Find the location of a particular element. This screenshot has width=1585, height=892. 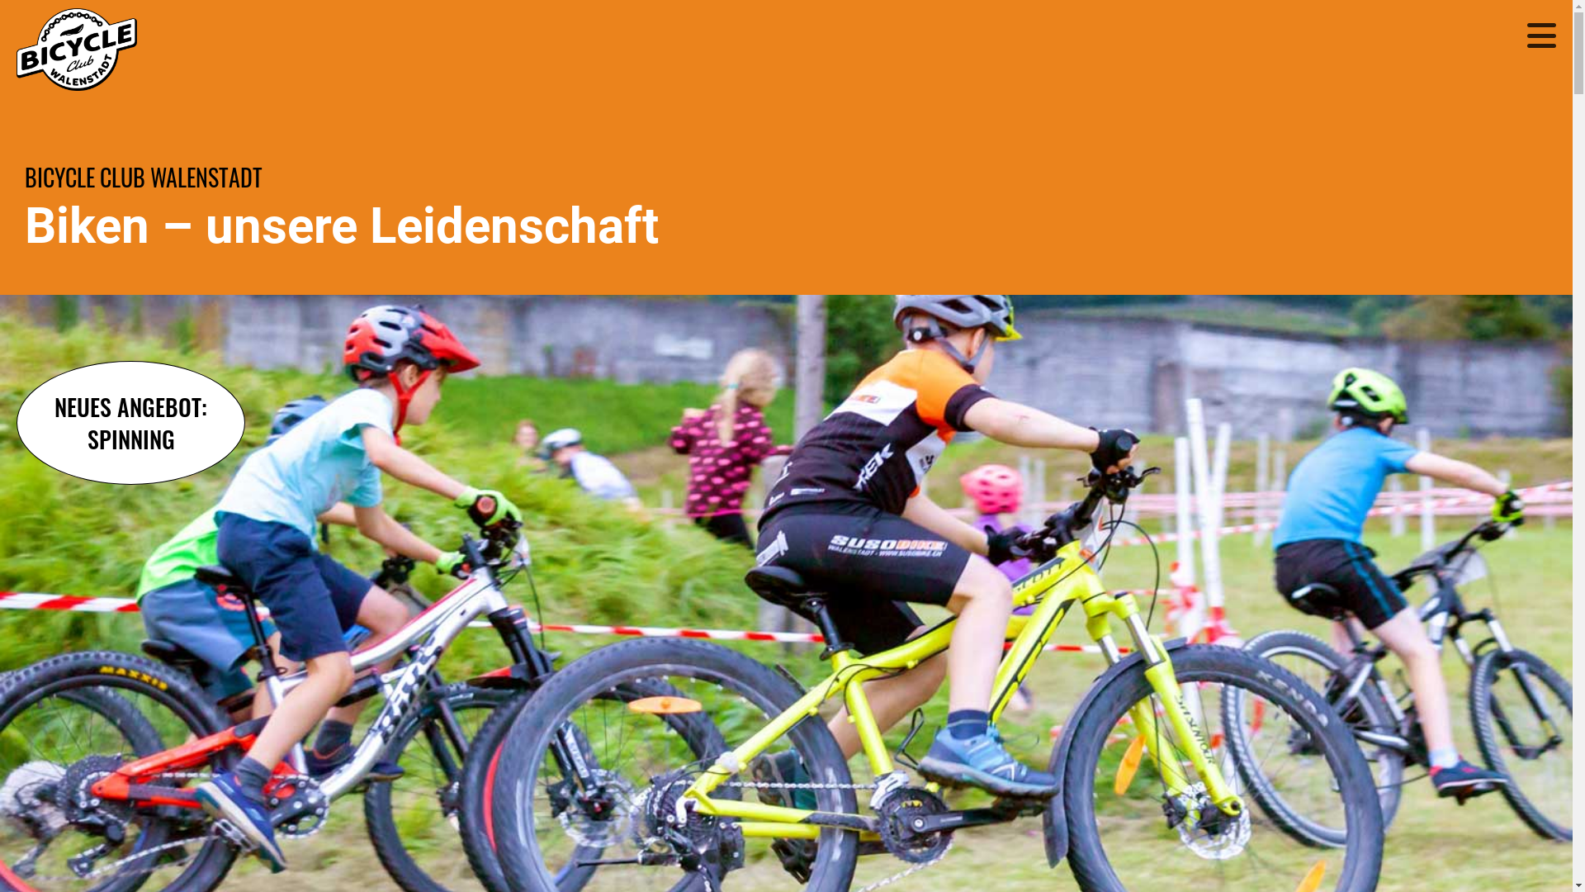

'NEUES ANGEBOT: is located at coordinates (130, 422).